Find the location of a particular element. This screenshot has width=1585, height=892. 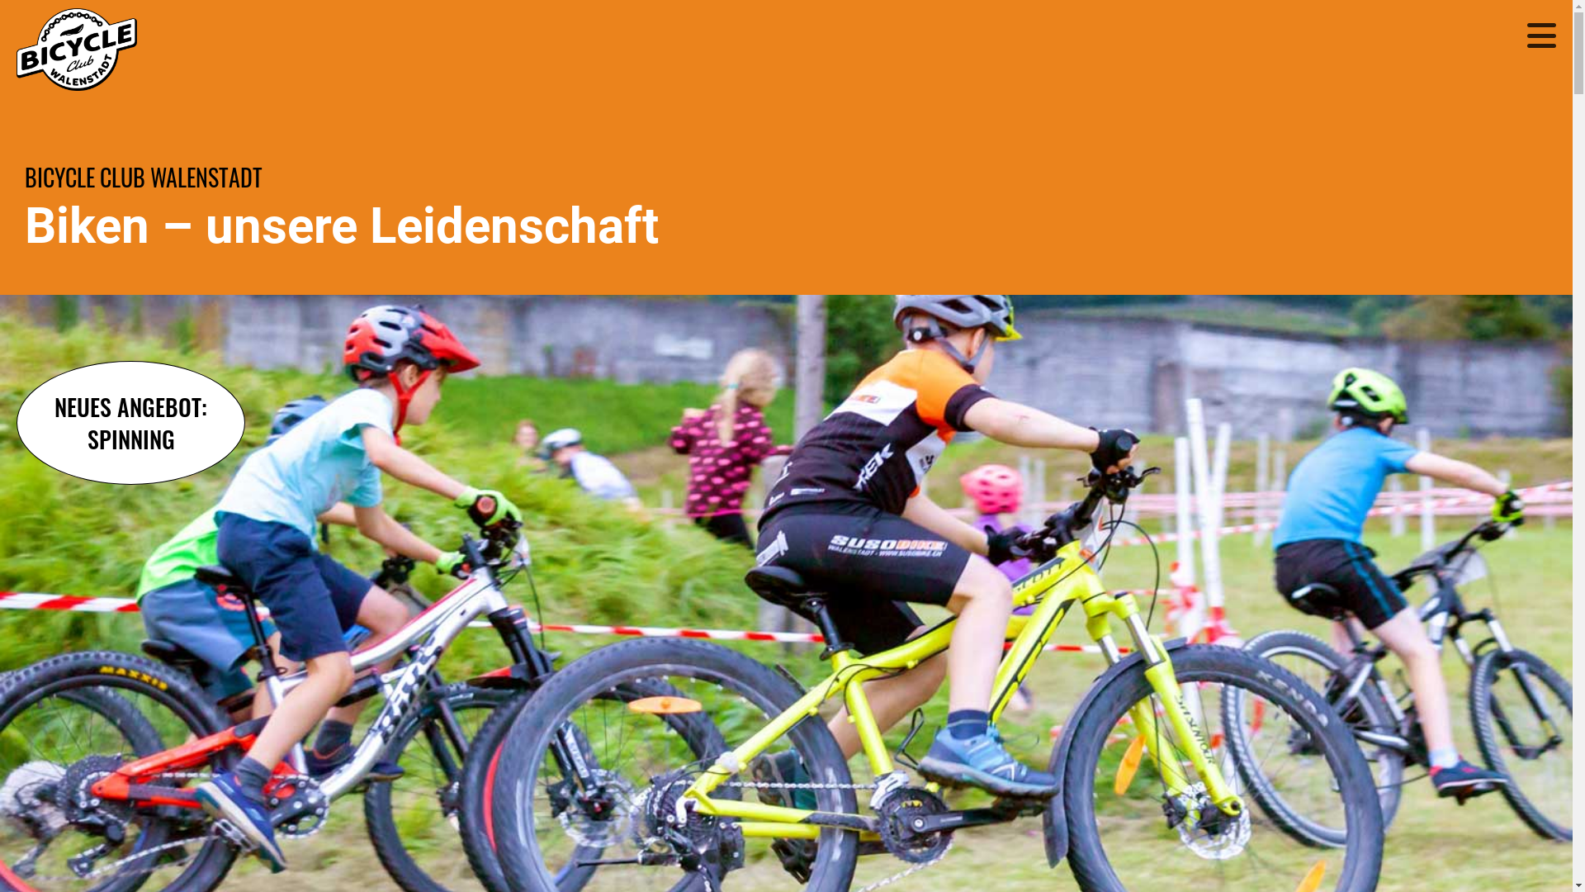

'NEUES ANGEBOT: is located at coordinates (130, 422).